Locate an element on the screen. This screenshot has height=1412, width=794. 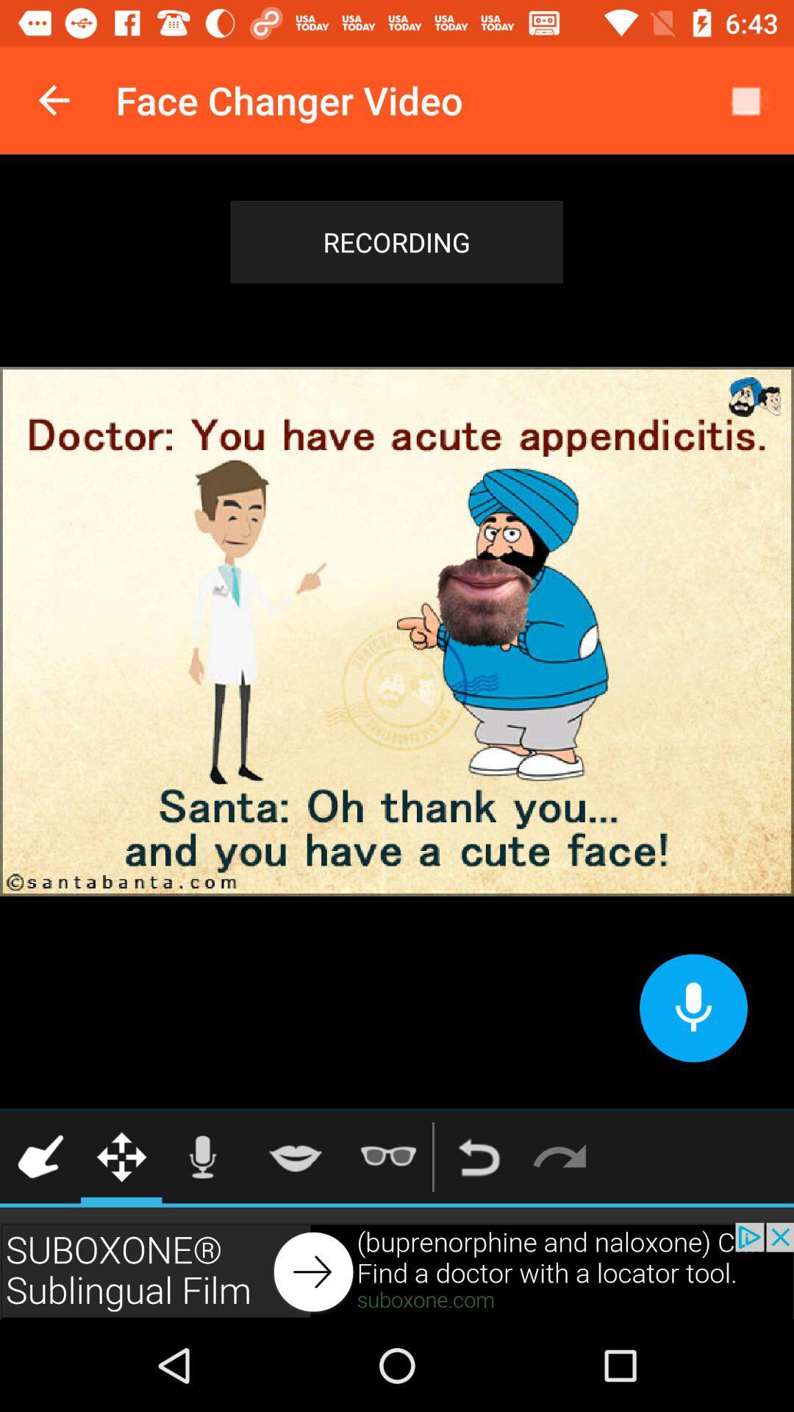
the undo icon is located at coordinates (479, 1156).